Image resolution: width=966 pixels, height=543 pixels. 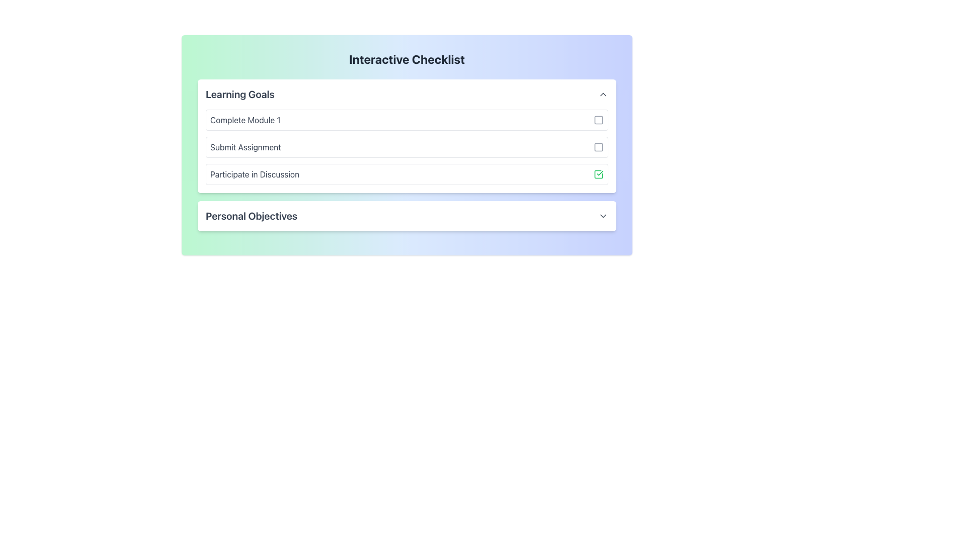 I want to click on the checkbox located at the far-right of the 'Complete Module 1' row in the 'Learning Goals' section, so click(x=599, y=120).